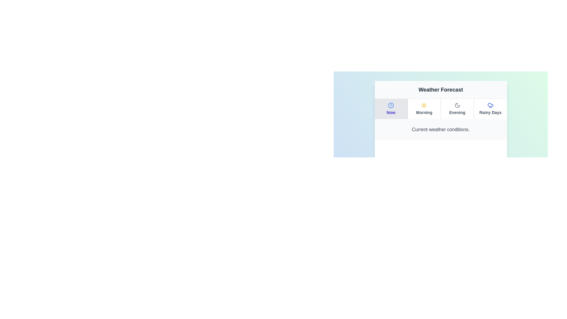 This screenshot has width=567, height=319. What do you see at coordinates (457, 105) in the screenshot?
I see `the evening icon located above the 'Evening' text` at bounding box center [457, 105].